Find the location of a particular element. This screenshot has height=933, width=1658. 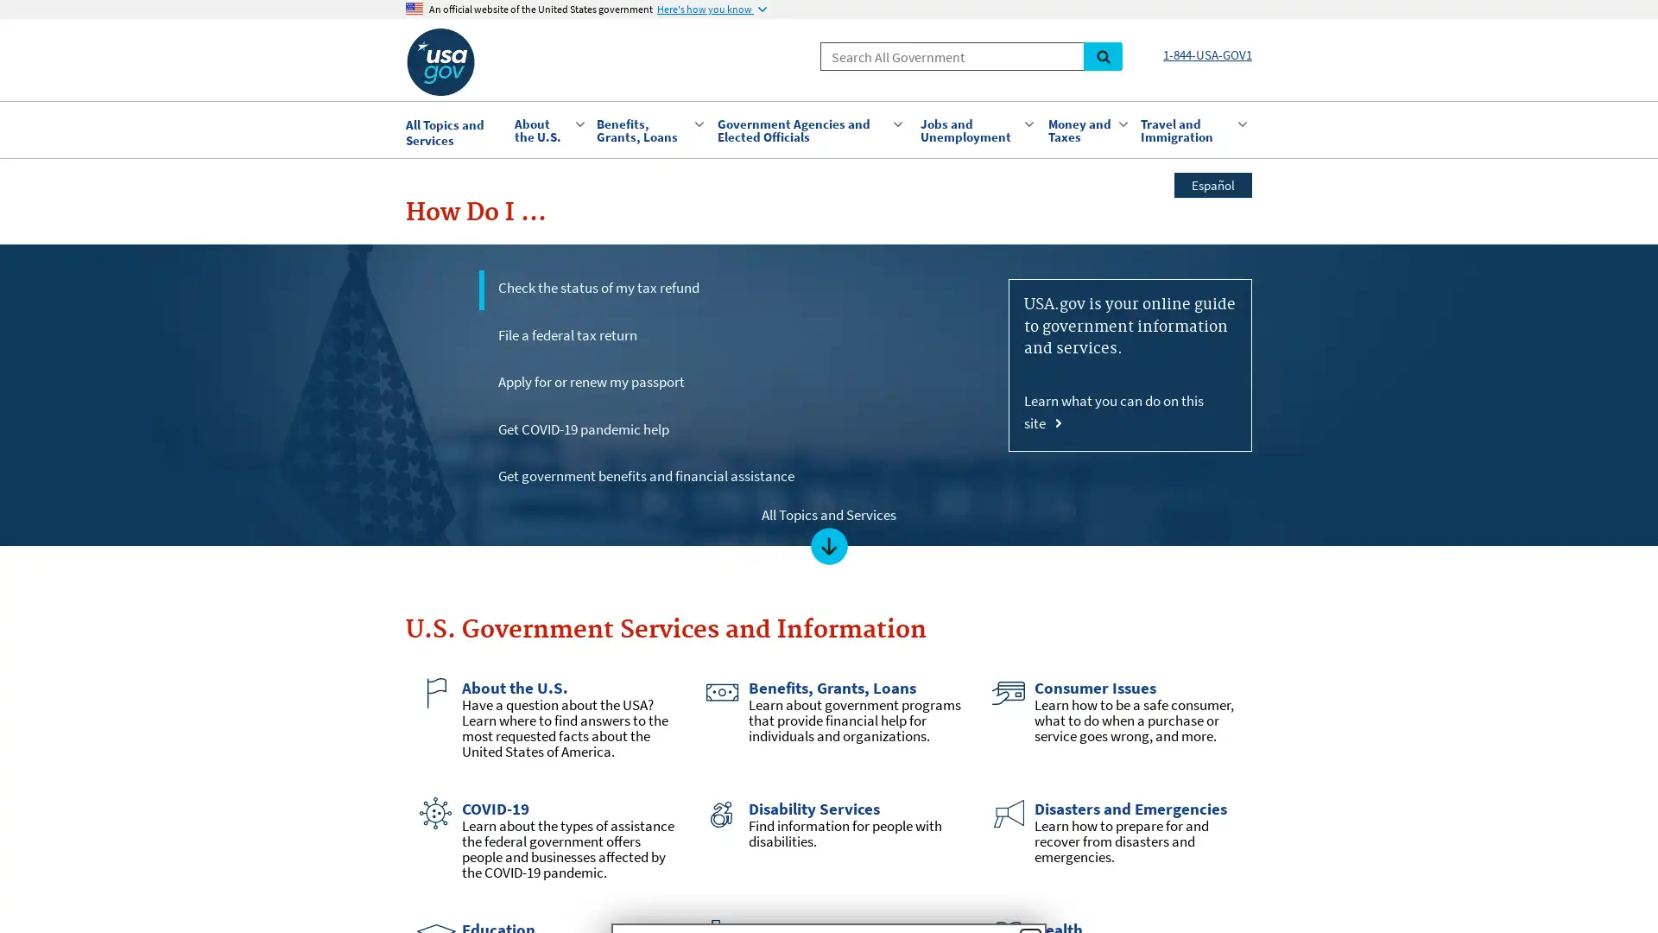

Money and Taxes is located at coordinates (1085, 129).